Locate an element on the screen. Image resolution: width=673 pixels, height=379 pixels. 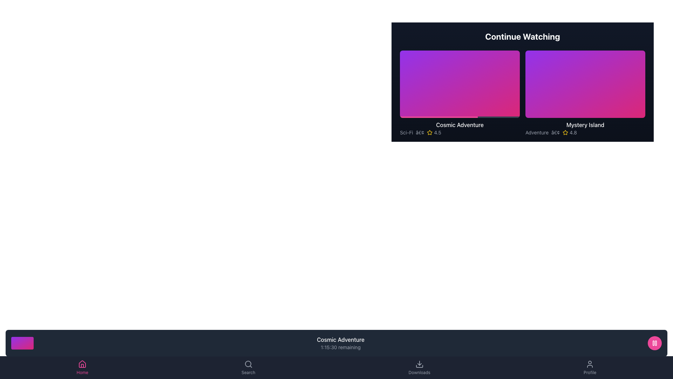
the text element that serves as a separator between the 'Adventure' label and the '4.8' rating in the second card of the 'Continue Watching' section is located at coordinates (555, 133).